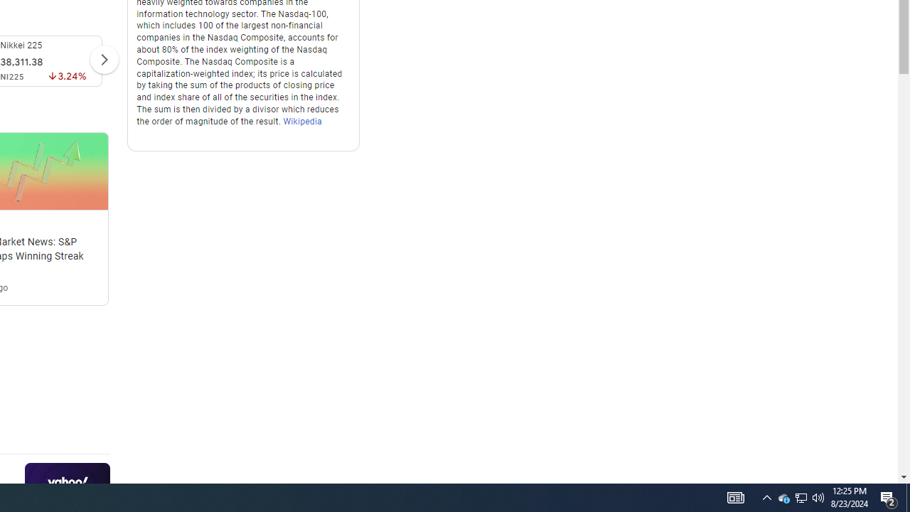  What do you see at coordinates (301, 120) in the screenshot?
I see `'Wikipedia'` at bounding box center [301, 120].